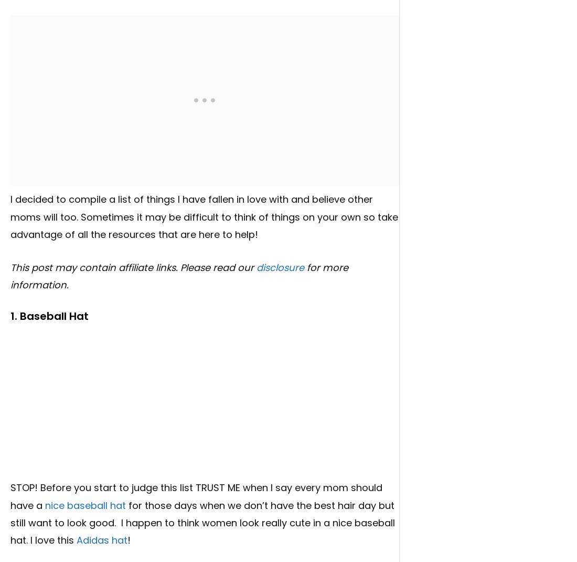 This screenshot has width=577, height=562. I want to click on 'nice baseball hat', so click(45, 504).